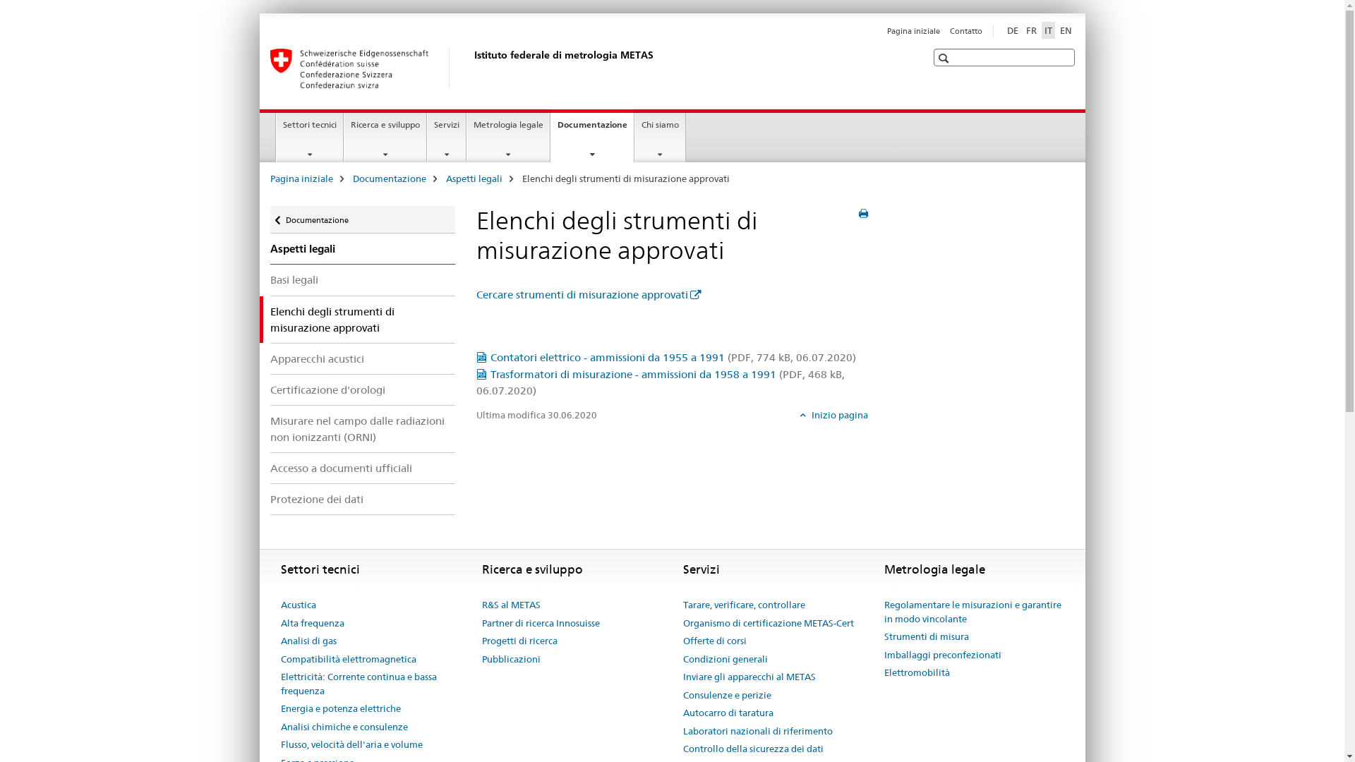 This screenshot has height=762, width=1355. I want to click on 'Inizio pagina', so click(833, 413).